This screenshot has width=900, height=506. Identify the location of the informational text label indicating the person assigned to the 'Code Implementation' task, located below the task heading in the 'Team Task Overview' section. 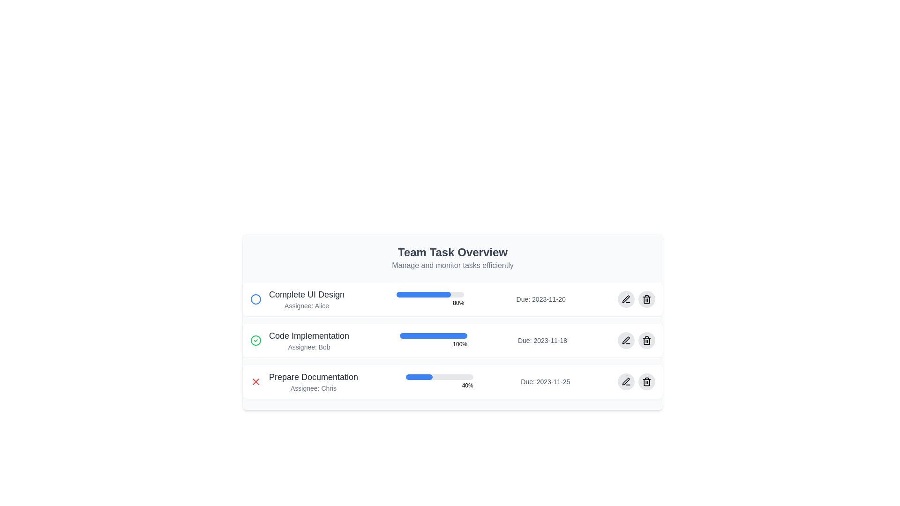
(309, 347).